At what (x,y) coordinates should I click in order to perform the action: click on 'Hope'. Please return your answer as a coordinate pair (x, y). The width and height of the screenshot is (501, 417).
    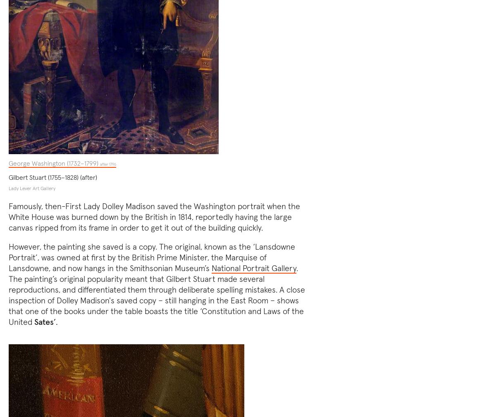
    Looking at the image, I should click on (305, 222).